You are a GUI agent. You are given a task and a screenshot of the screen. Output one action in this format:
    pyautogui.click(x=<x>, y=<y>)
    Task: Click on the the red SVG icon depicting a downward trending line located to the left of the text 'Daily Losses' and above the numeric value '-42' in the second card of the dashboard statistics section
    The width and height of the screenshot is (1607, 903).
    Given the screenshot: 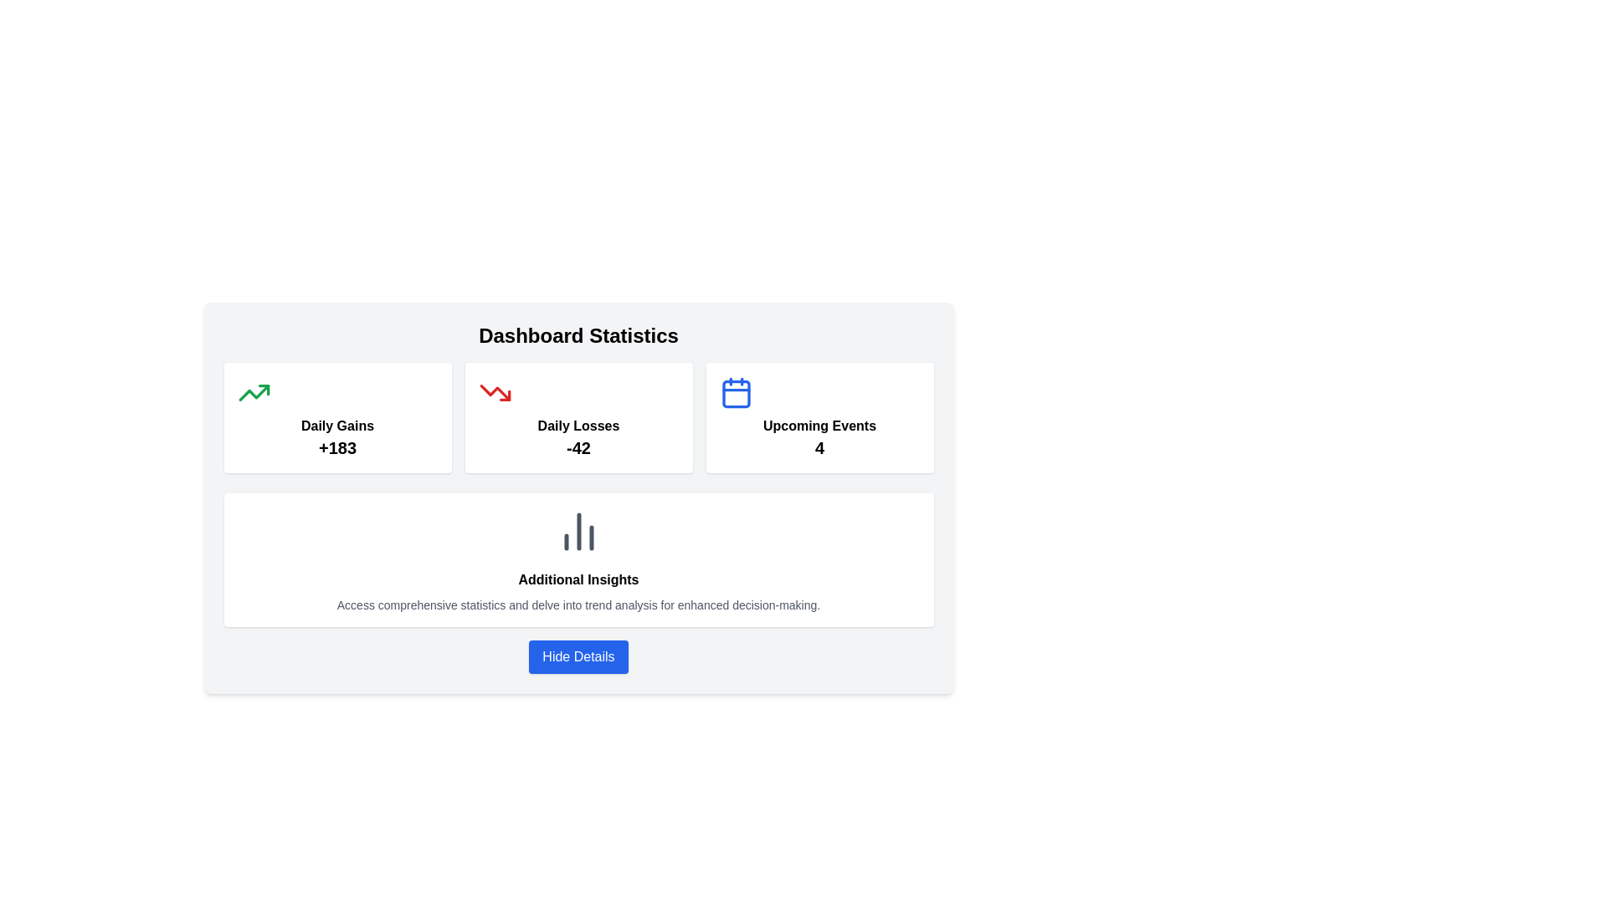 What is the action you would take?
    pyautogui.click(x=494, y=393)
    